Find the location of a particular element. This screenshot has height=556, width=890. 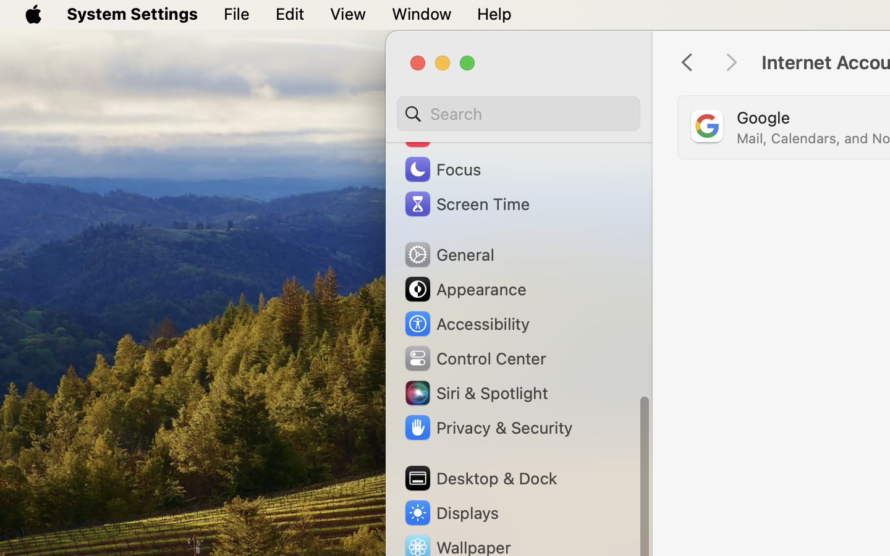

'Control Center' is located at coordinates (473, 358).